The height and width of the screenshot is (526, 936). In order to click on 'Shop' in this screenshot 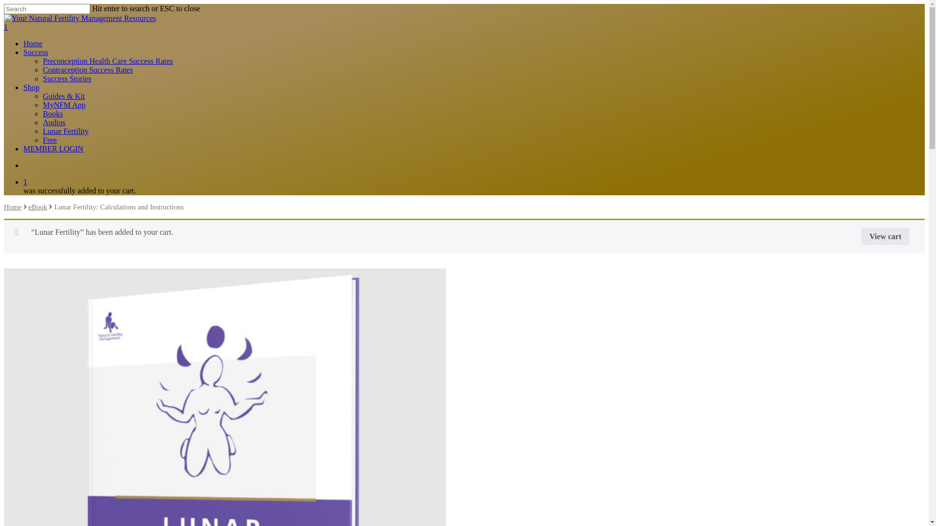, I will do `click(31, 87)`.